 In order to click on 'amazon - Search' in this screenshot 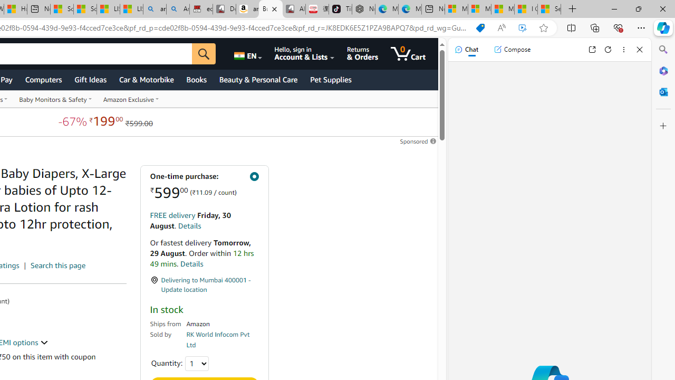, I will do `click(154, 9)`.